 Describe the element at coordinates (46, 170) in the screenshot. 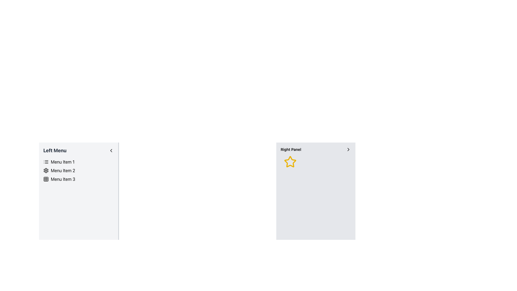

I see `the circular cogwheel icon with a black outline, located in the left panel next to 'Menu Item 2'` at that location.